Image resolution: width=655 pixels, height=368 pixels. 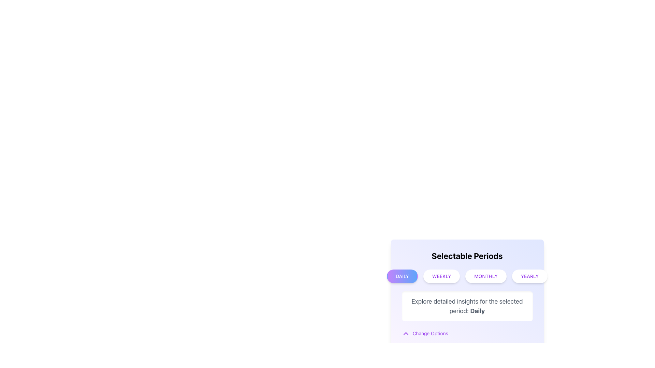 I want to click on the Chevron Up icon located to the left of the 'Change Options' text, which indicates a control for collapsing or minimizing a section, so click(x=406, y=333).